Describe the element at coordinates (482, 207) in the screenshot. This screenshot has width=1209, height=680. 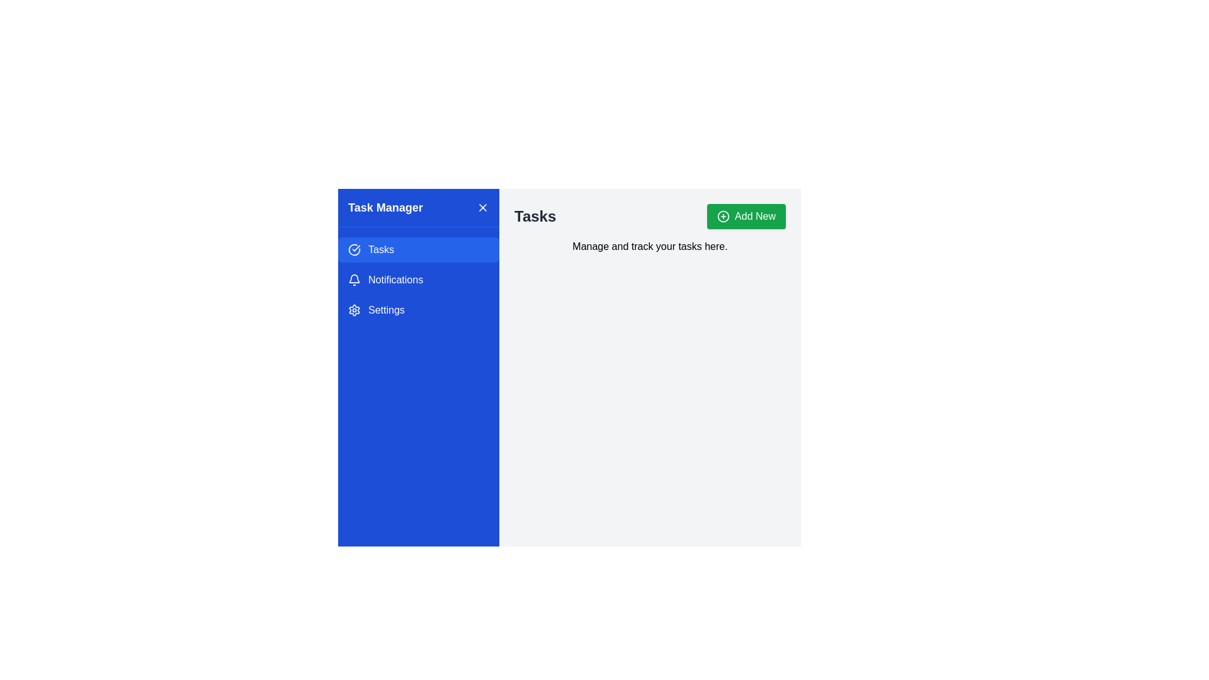
I see `the close button icon located in the top right corner of the "Task Manager" sidebar` at that location.